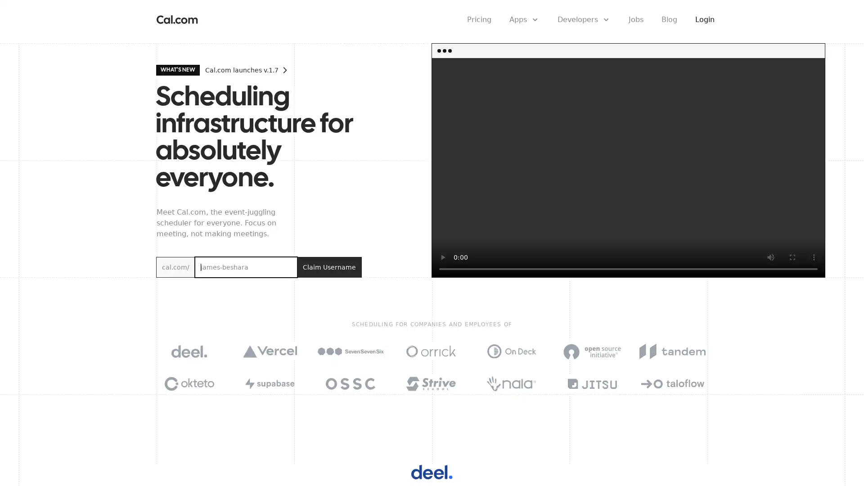  Describe the element at coordinates (442, 257) in the screenshot. I see `play` at that location.